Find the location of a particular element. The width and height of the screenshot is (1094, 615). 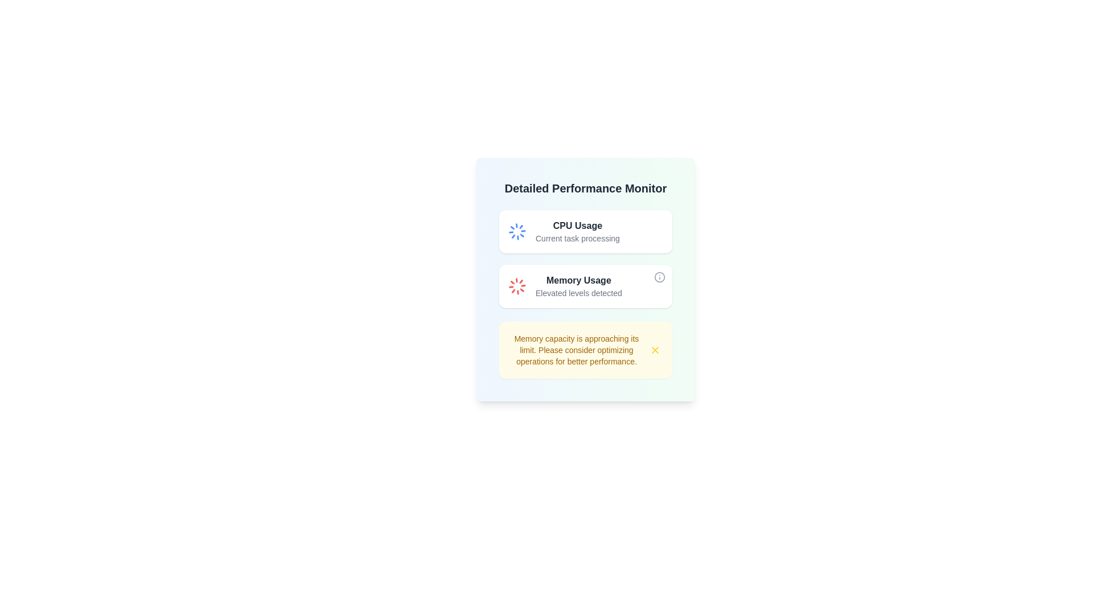

the Close or Dismiss Button icon located next to the memory limit warning text is located at coordinates (655, 349).